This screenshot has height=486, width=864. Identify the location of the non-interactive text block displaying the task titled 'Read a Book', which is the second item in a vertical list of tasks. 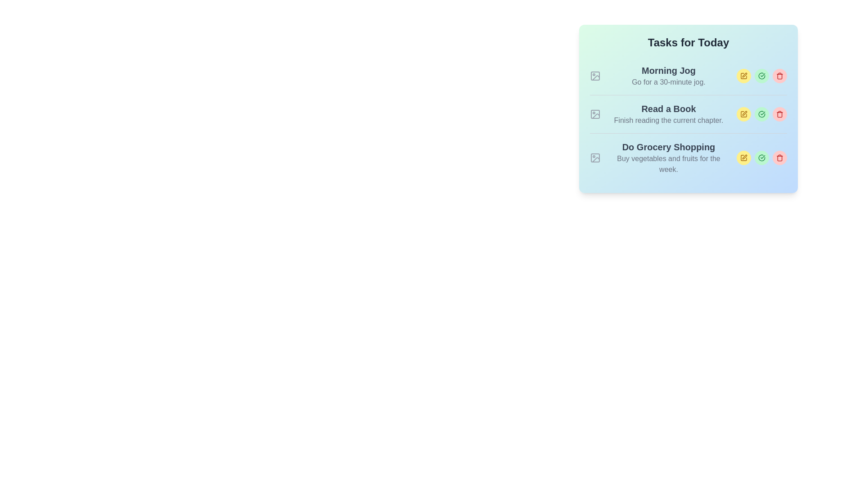
(669, 114).